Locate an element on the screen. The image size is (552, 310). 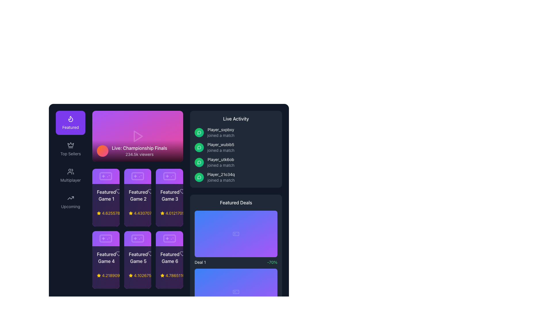
the informational text label displaying the numerical rating, which is located next to a small yellow star icon in the bottom-left card of the grid is located at coordinates (120, 275).